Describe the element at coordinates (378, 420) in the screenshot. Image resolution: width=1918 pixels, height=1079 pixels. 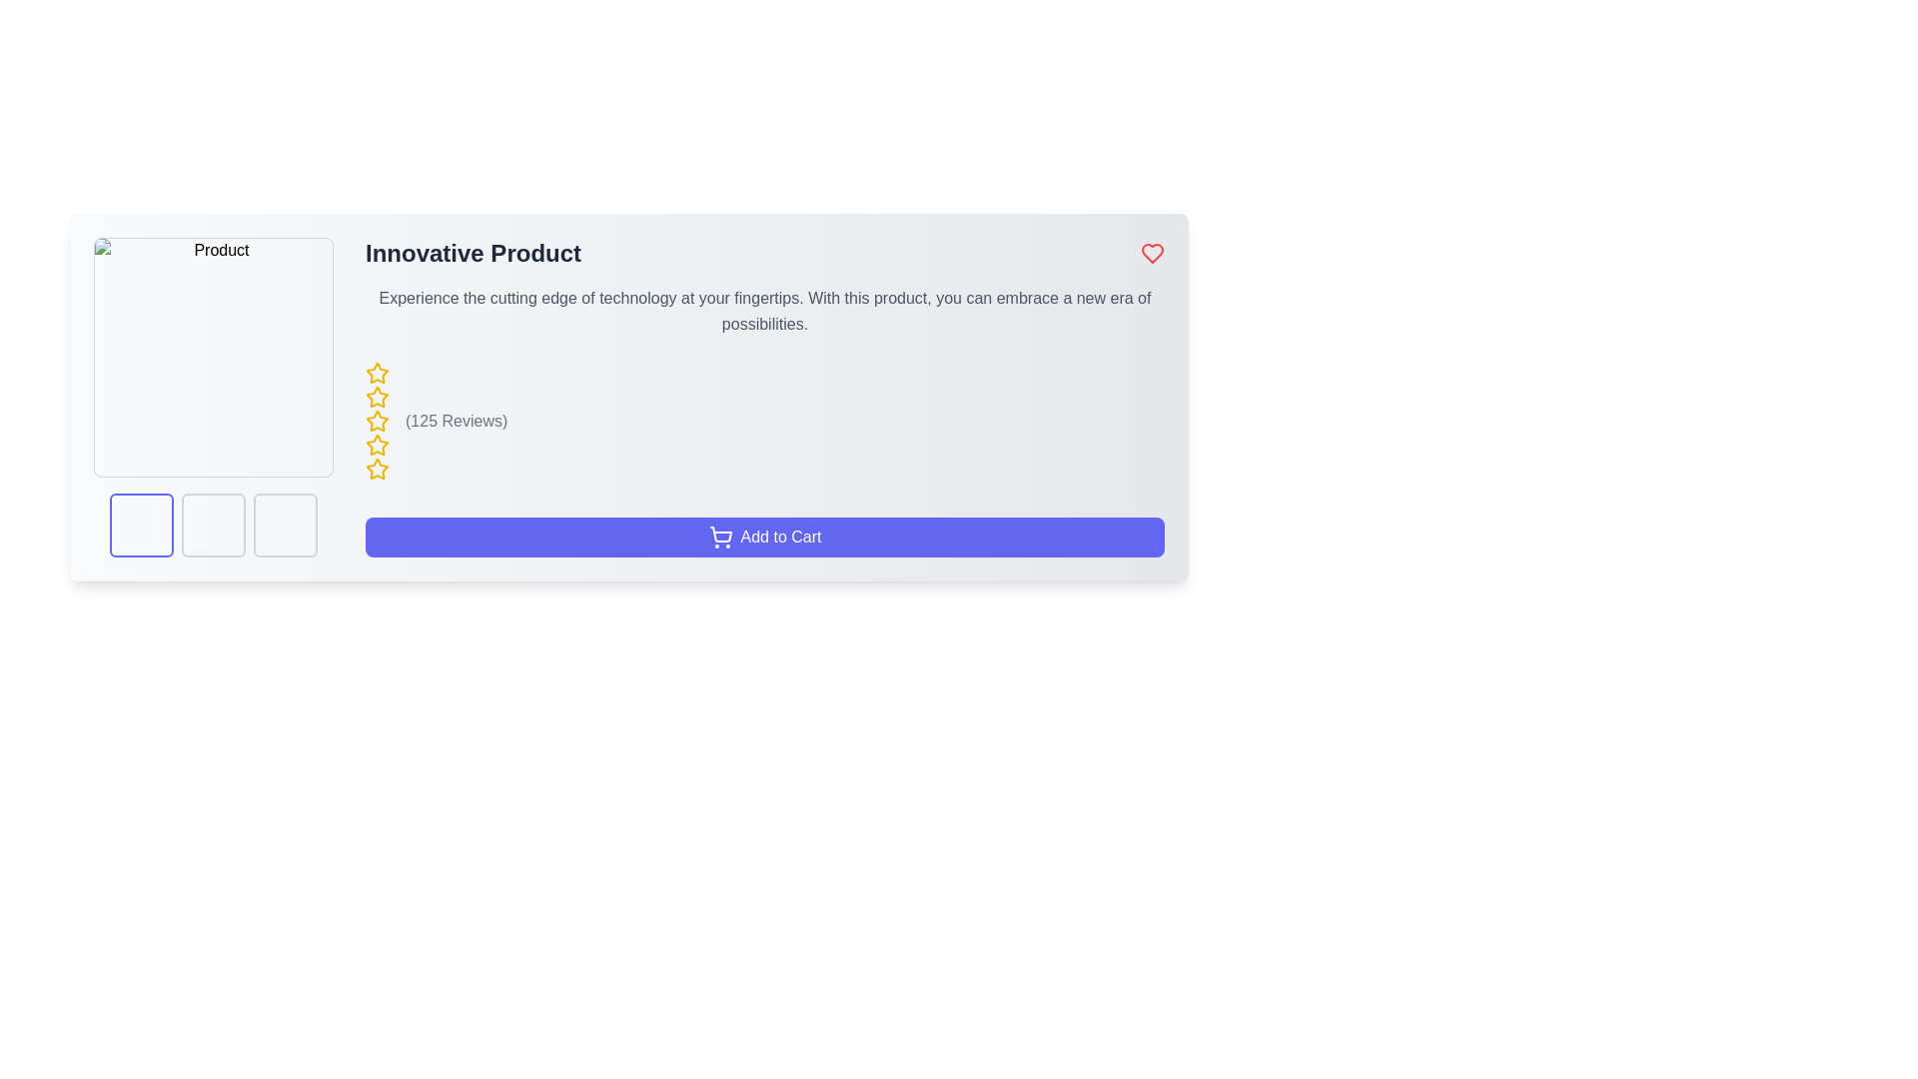
I see `the yellow star rating icon, which is the second star from the left in a horizontal array of five stars` at that location.